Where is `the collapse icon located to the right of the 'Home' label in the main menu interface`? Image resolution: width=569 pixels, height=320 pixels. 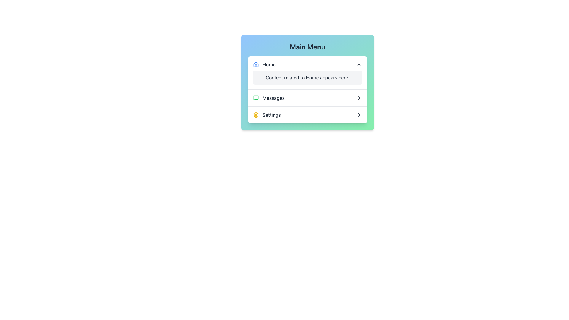 the collapse icon located to the right of the 'Home' label in the main menu interface is located at coordinates (359, 65).